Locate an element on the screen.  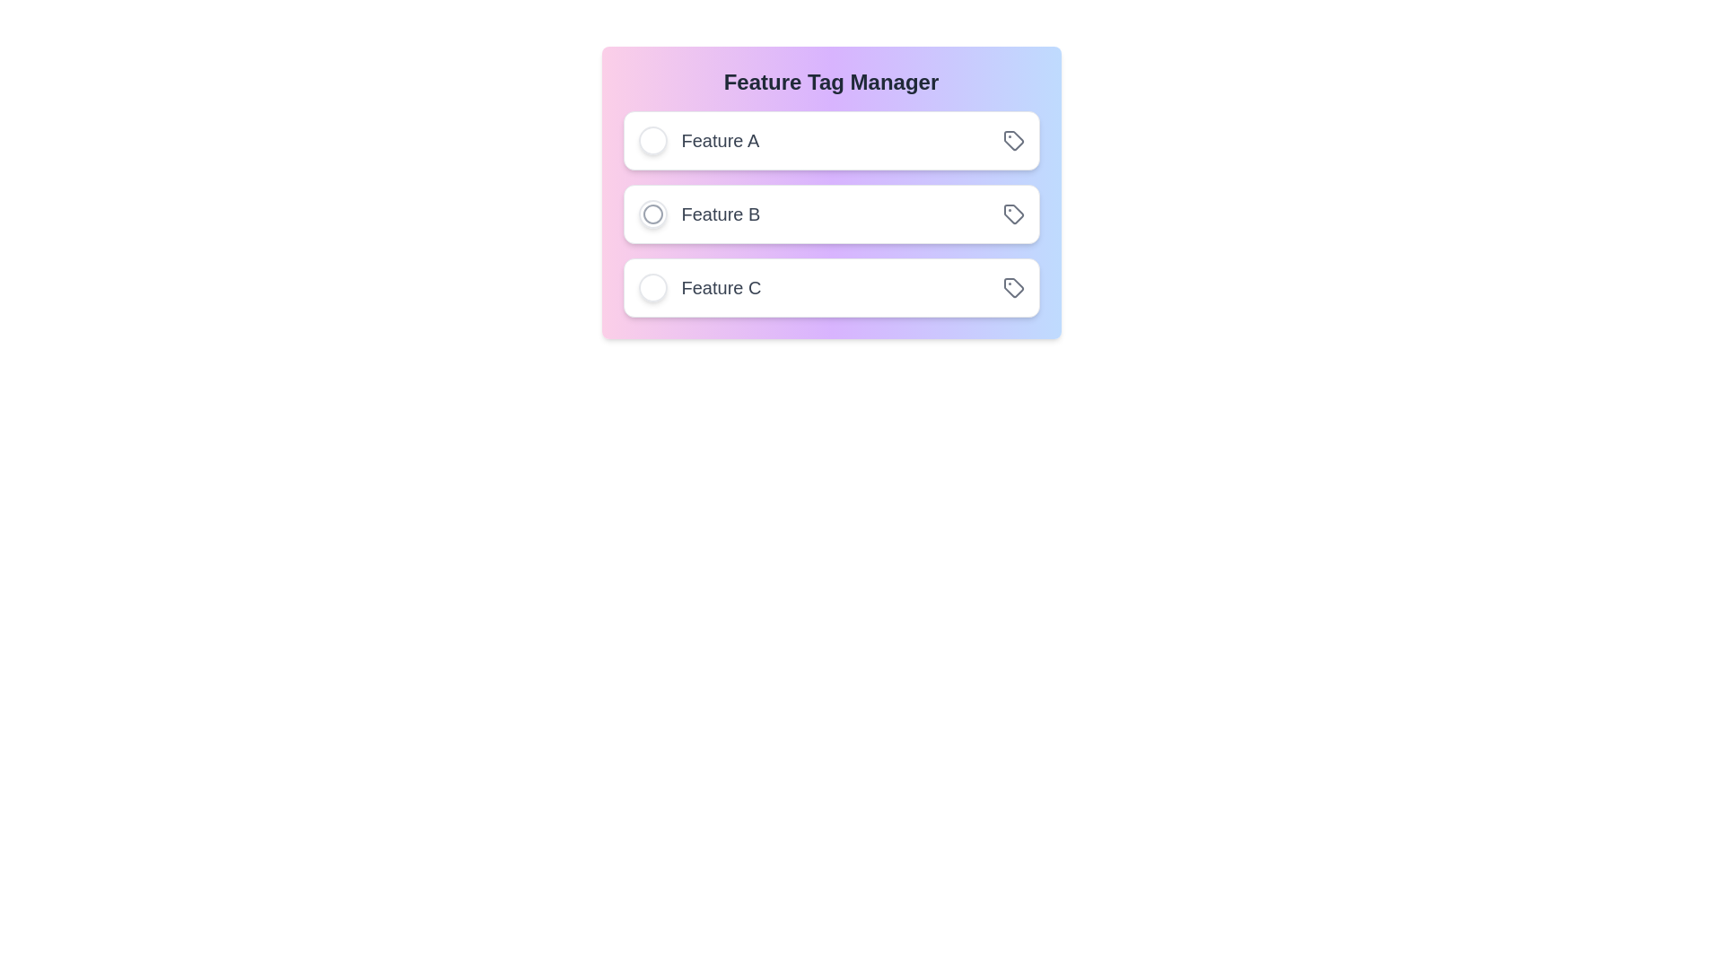
circular part of the checkbox for 'Feature B' to analyze its styling properties is located at coordinates (652, 214).